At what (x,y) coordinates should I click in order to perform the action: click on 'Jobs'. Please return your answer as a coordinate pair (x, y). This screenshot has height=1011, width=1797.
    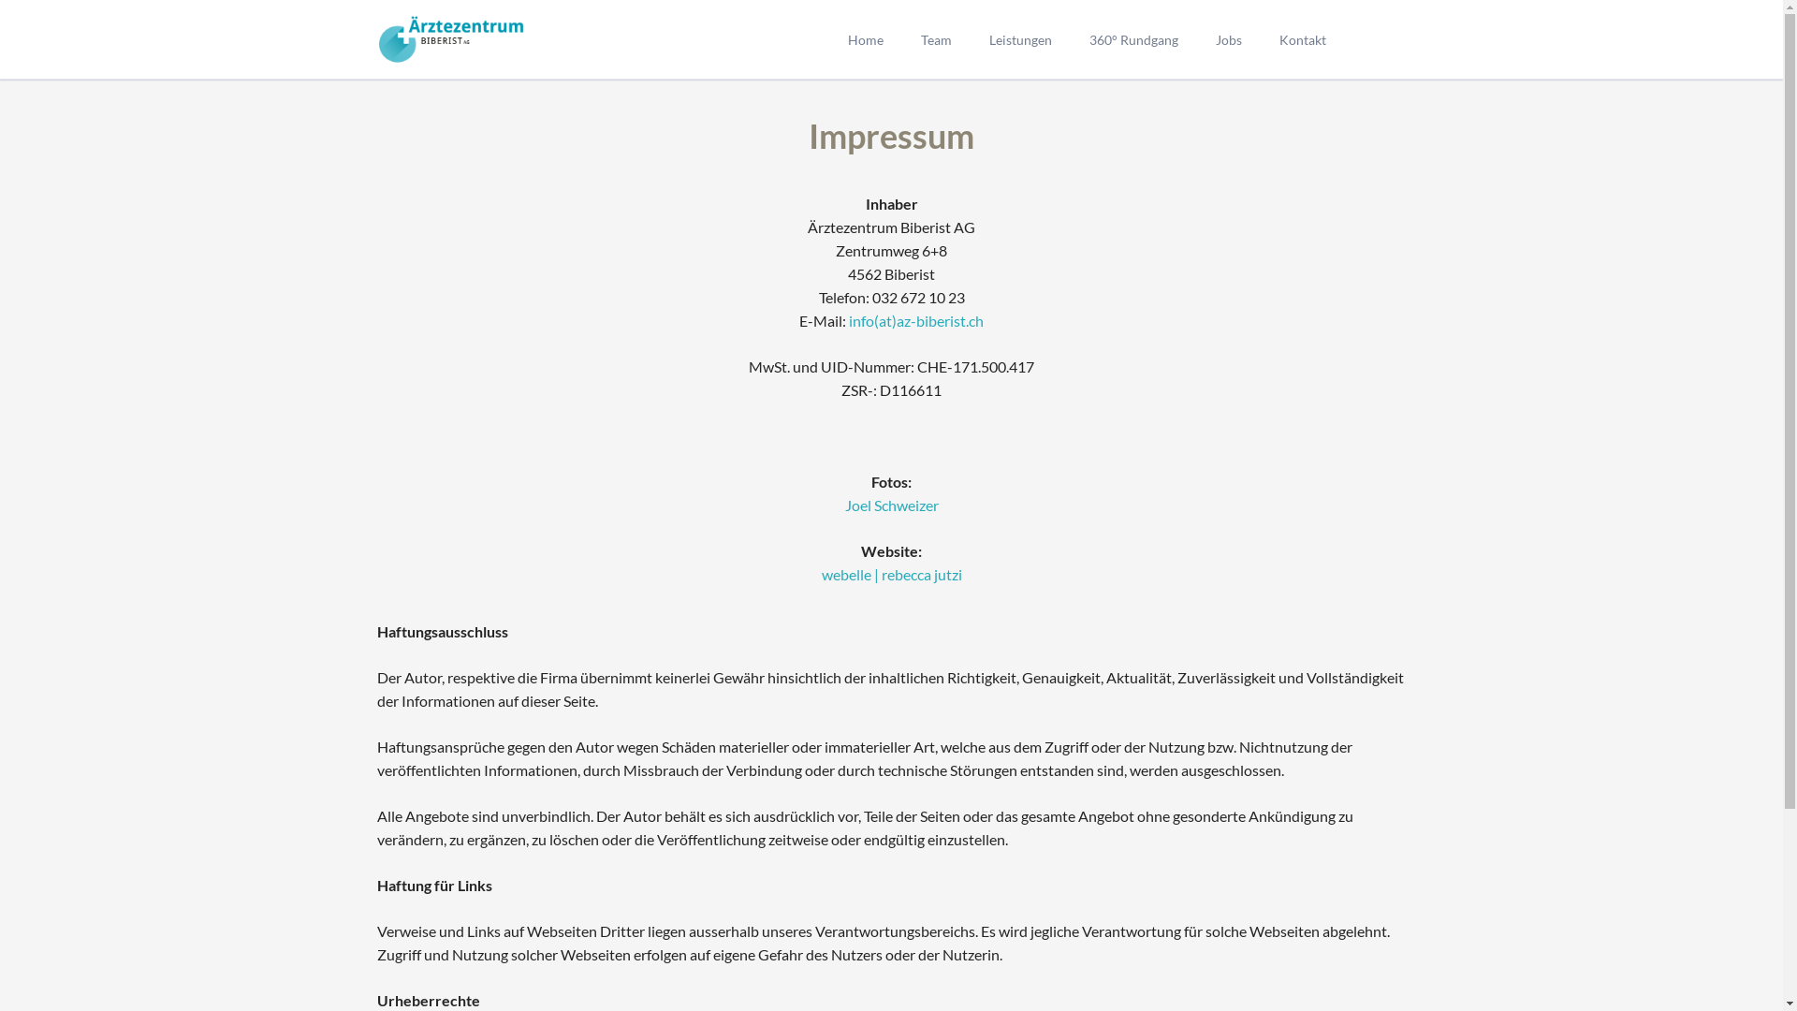
    Looking at the image, I should click on (1227, 39).